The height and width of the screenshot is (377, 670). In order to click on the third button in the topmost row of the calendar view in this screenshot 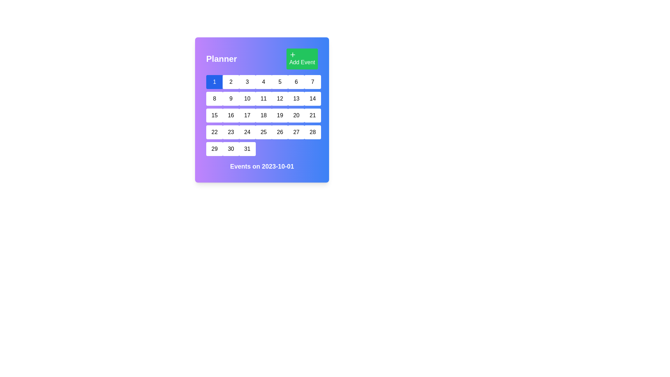, I will do `click(247, 82)`.